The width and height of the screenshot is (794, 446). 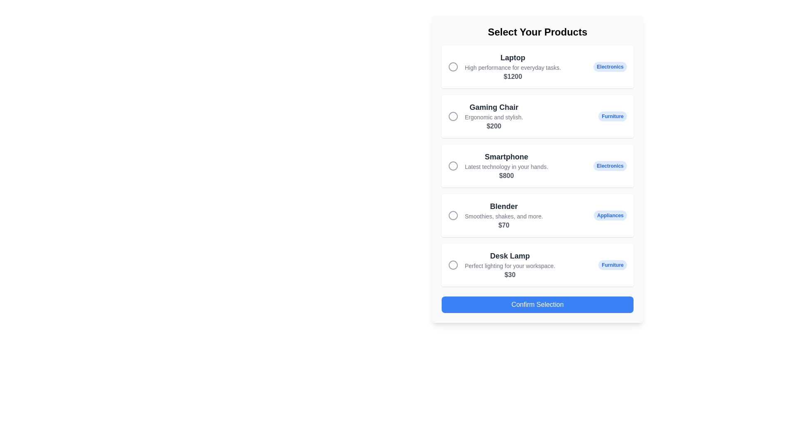 I want to click on the display text group containing product details for the 'Gaming Chair', which is the second entry in the product selection list, so click(x=494, y=116).